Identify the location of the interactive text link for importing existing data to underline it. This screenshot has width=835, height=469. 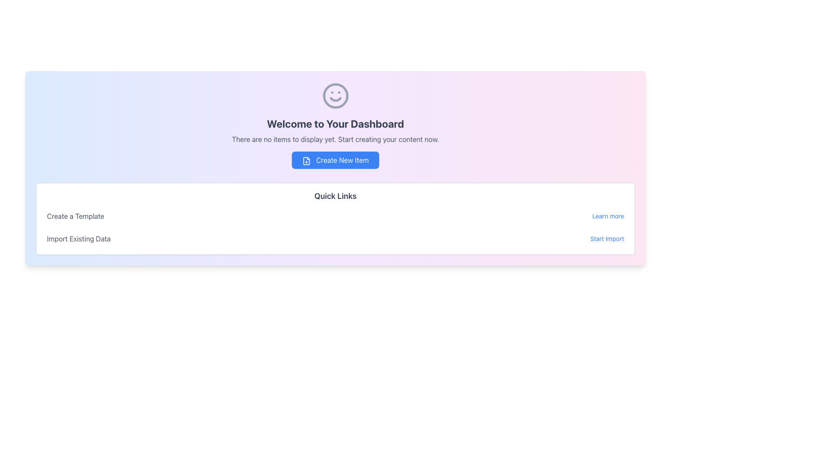
(607, 239).